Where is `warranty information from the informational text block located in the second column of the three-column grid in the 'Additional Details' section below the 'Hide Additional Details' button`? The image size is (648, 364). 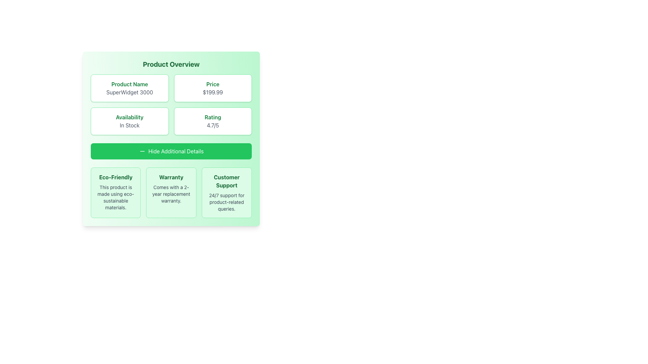 warranty information from the informational text block located in the second column of the three-column grid in the 'Additional Details' section below the 'Hide Additional Details' button is located at coordinates (171, 192).